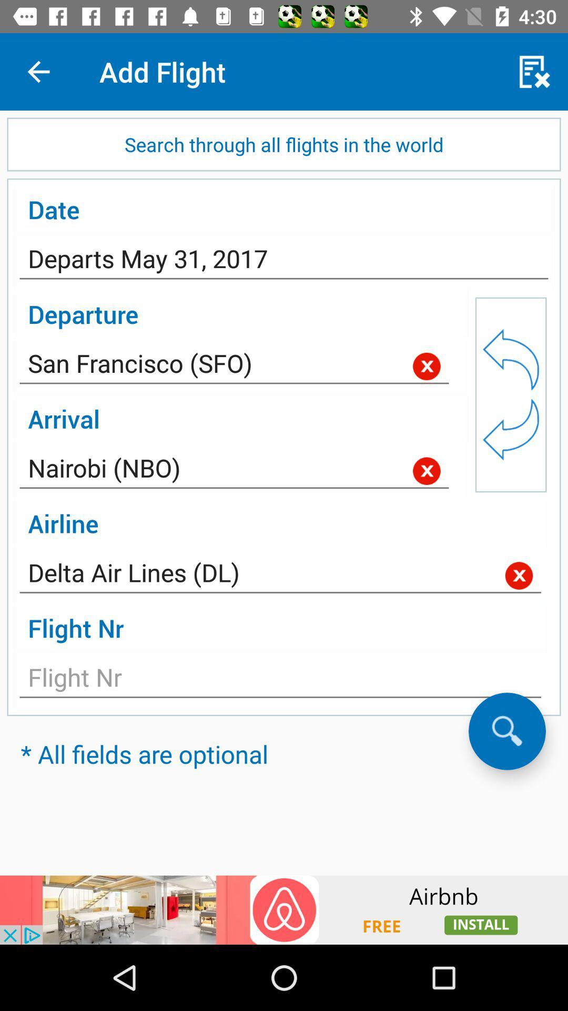  Describe the element at coordinates (280, 680) in the screenshot. I see `flight information` at that location.